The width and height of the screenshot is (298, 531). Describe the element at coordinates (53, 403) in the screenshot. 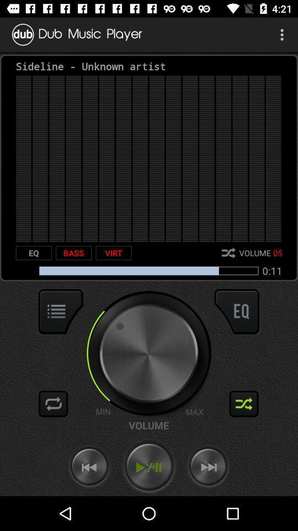

I see `repeat` at that location.